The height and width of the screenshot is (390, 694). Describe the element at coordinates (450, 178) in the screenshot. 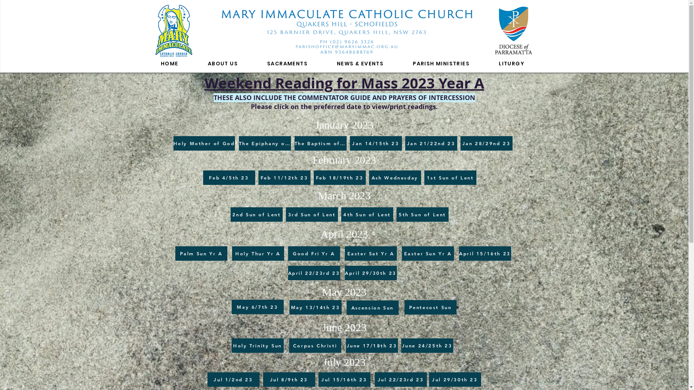

I see `'1st Sun of Lent'` at that location.